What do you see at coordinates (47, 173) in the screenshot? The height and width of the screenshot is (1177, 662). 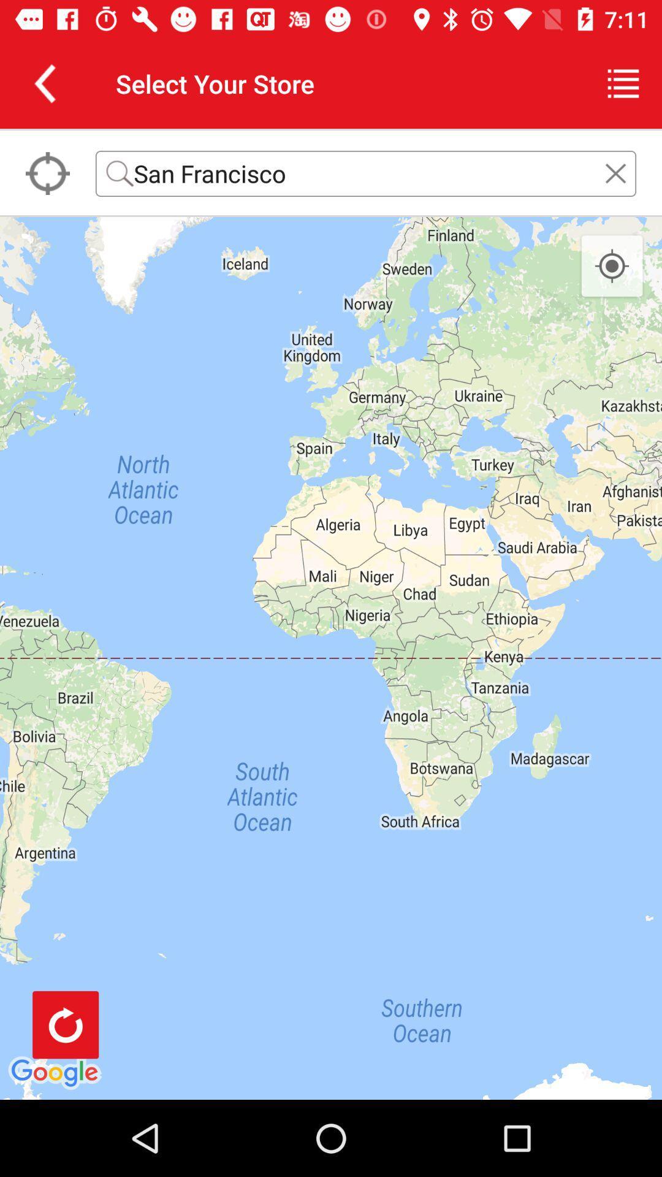 I see `the icon next to san francisco item` at bounding box center [47, 173].